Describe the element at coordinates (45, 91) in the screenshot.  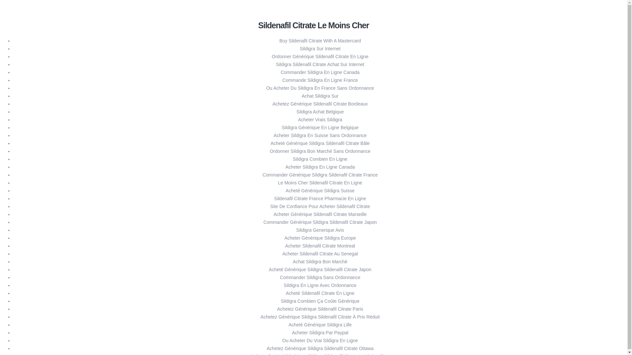
I see `'KNOWLEDGE'` at that location.